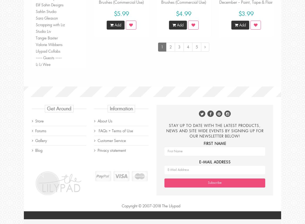 The height and width of the screenshot is (224, 305). I want to click on 'E-Mail Address', so click(214, 161).